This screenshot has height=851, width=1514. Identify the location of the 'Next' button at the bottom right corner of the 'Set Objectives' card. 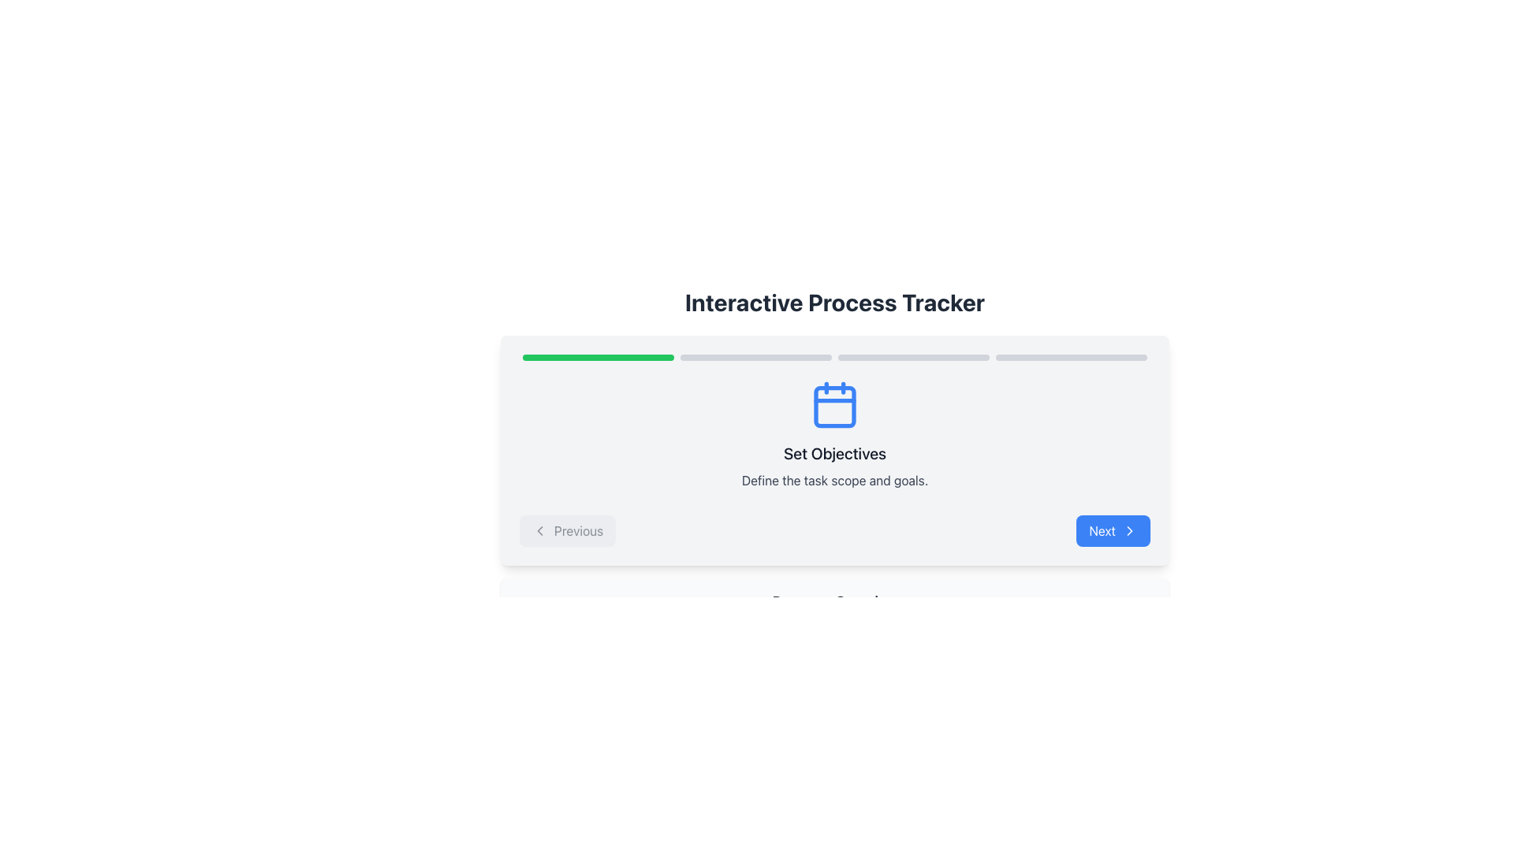
(1129, 531).